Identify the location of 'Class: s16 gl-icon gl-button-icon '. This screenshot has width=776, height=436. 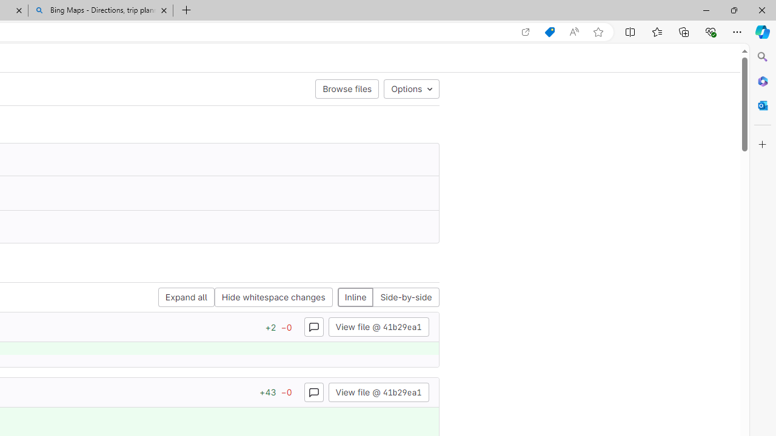
(313, 392).